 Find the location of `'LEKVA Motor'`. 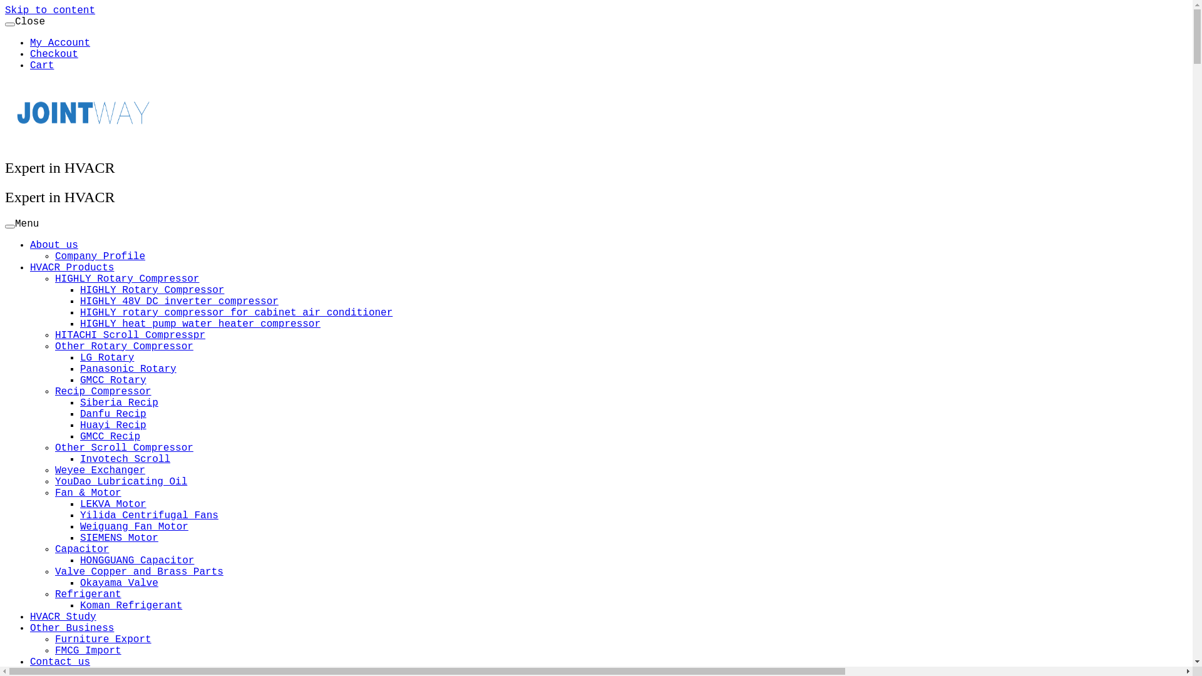

'LEKVA Motor' is located at coordinates (113, 504).